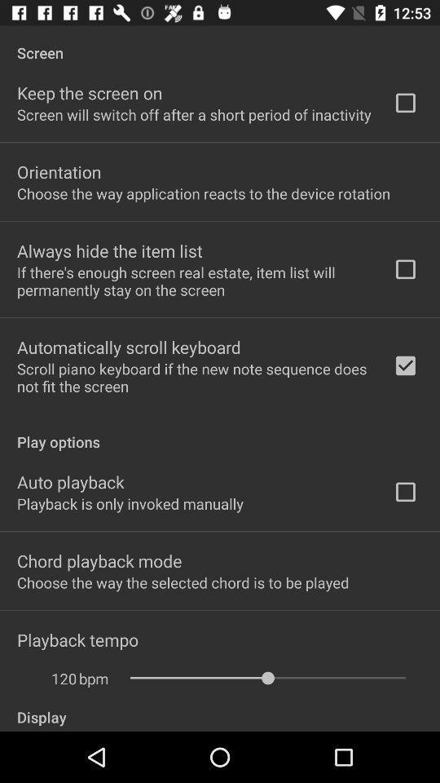 Image resolution: width=440 pixels, height=783 pixels. What do you see at coordinates (69, 481) in the screenshot?
I see `the app above the playback is only icon` at bounding box center [69, 481].